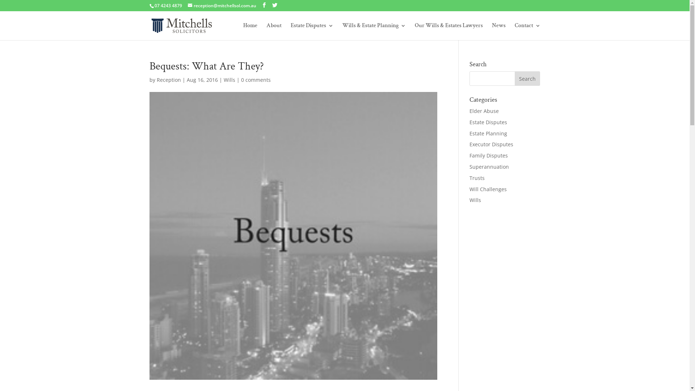 The height and width of the screenshot is (391, 695). I want to click on 'Family Disputes', so click(469, 155).